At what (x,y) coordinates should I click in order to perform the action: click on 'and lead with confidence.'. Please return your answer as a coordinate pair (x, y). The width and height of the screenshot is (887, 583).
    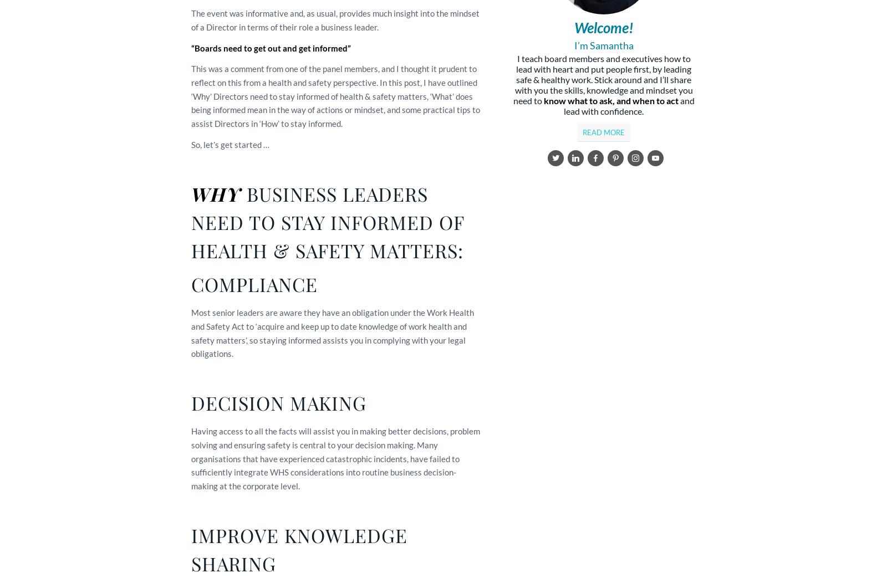
    Looking at the image, I should click on (629, 106).